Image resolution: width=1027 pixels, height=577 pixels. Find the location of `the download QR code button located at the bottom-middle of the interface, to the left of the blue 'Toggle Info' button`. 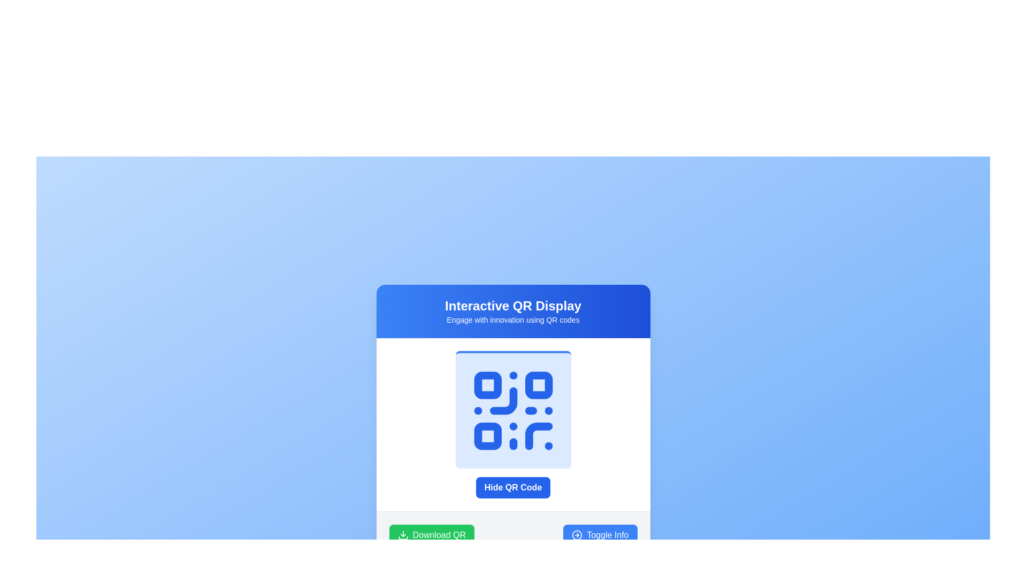

the download QR code button located at the bottom-middle of the interface, to the left of the blue 'Toggle Info' button is located at coordinates (432, 535).